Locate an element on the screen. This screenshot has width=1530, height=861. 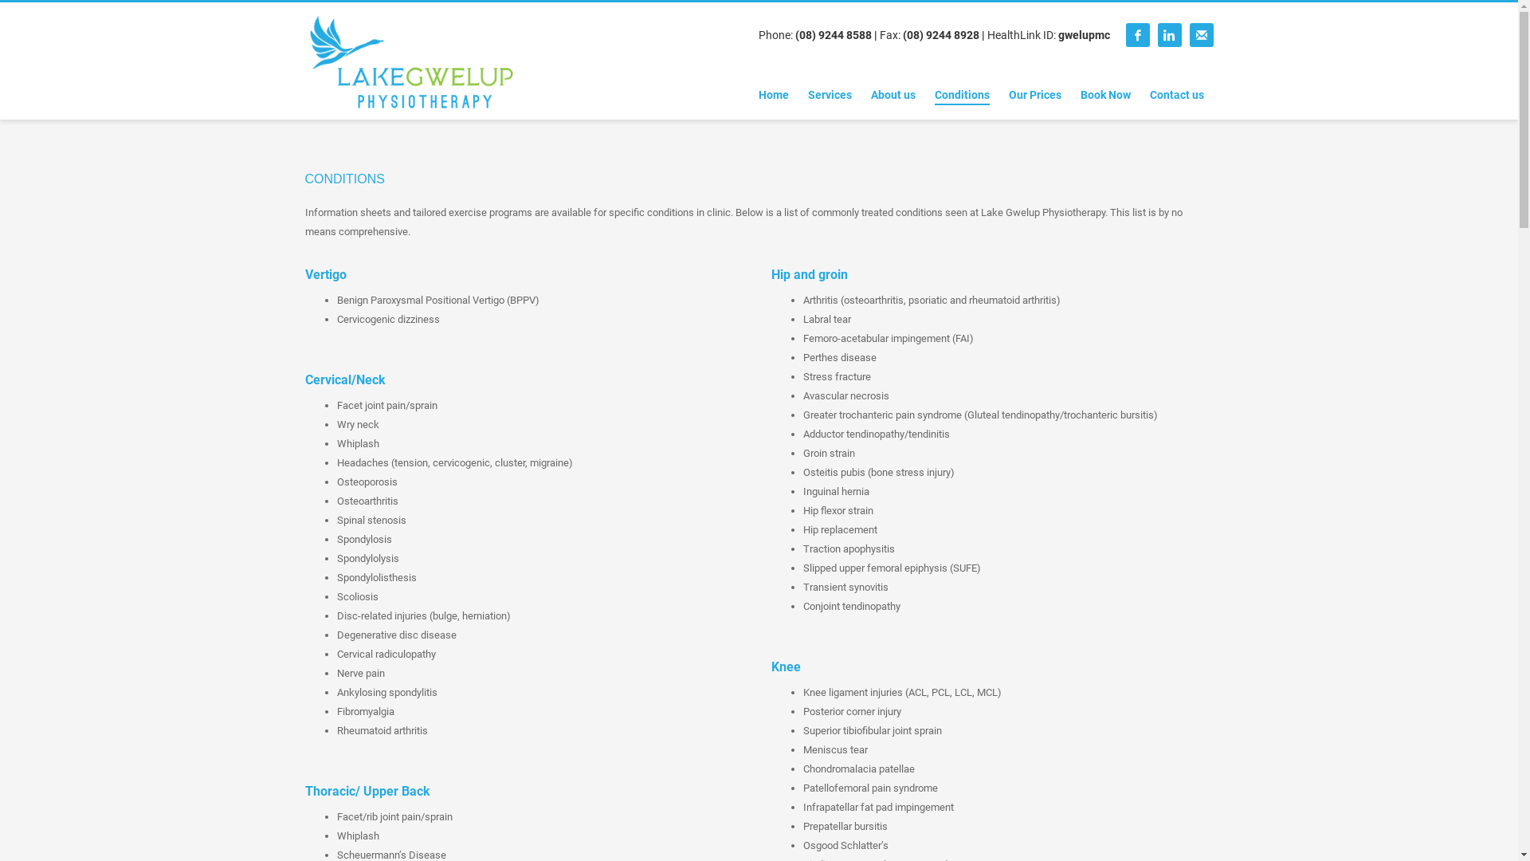
'Contact us' is located at coordinates (1177, 95).